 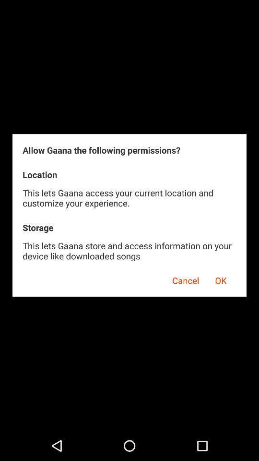 I want to click on app below the this lets gaana icon, so click(x=182, y=279).